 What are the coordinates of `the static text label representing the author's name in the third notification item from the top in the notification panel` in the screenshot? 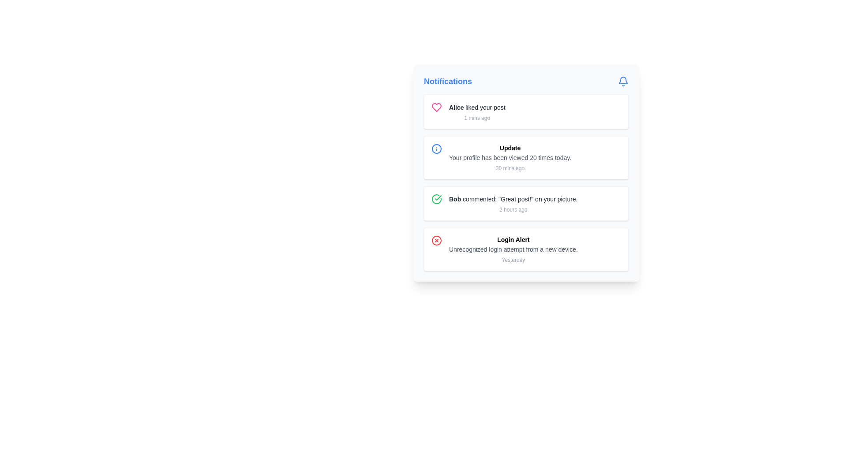 It's located at (455, 199).